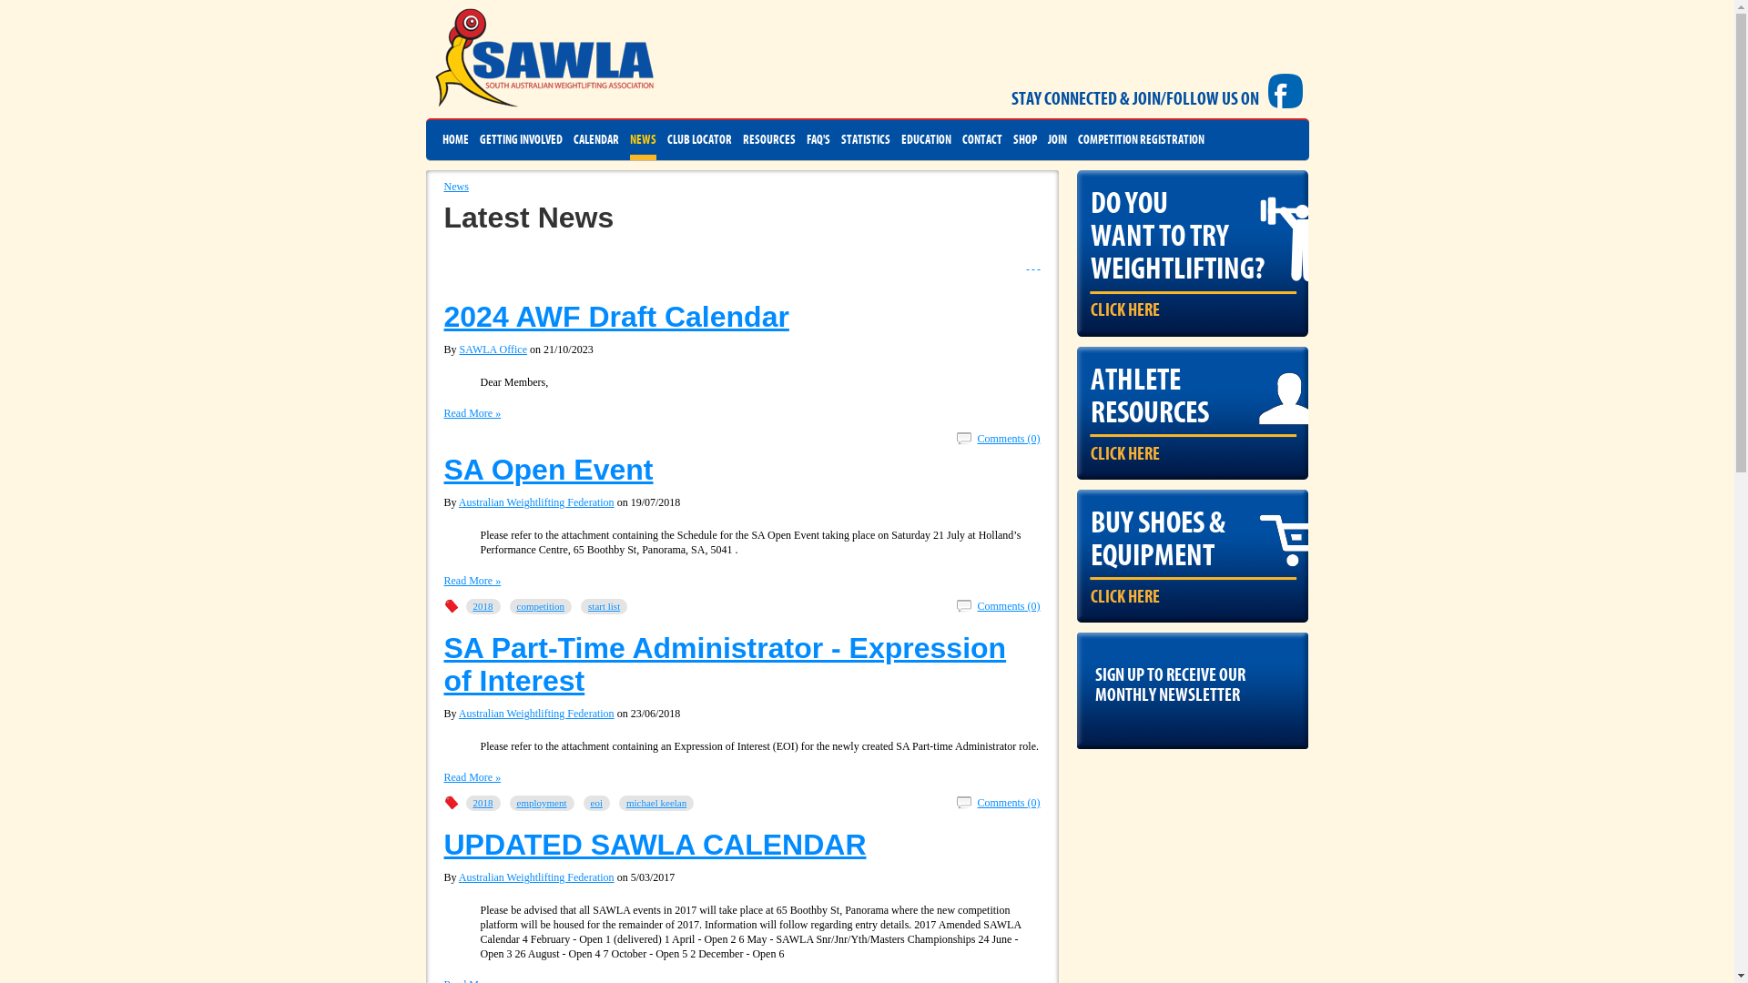 This screenshot has width=1748, height=983. What do you see at coordinates (442, 139) in the screenshot?
I see `'HOME'` at bounding box center [442, 139].